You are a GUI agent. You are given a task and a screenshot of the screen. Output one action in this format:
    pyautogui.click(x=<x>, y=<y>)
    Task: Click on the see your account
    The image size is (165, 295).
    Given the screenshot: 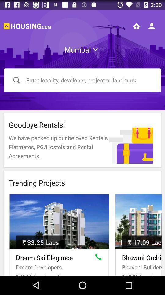 What is the action you would take?
    pyautogui.click(x=151, y=26)
    